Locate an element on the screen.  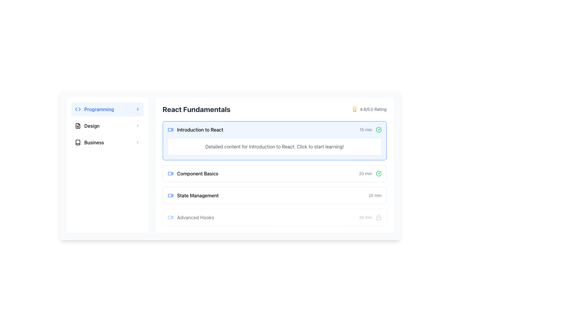
the icon indicating 'State Management' related to video content, located is located at coordinates (170, 195).